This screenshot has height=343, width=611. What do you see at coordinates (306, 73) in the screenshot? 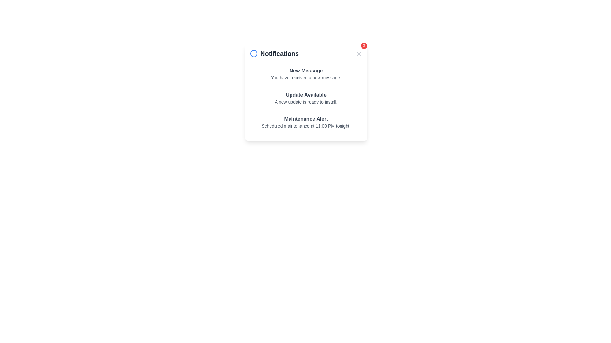
I see `the first notification item in the notification panel for accessibility navigation` at bounding box center [306, 73].